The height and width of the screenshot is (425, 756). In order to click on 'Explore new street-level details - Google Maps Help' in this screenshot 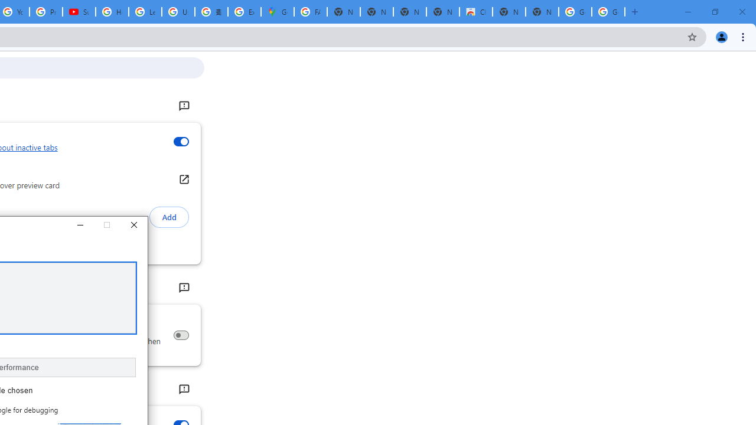, I will do `click(244, 12)`.